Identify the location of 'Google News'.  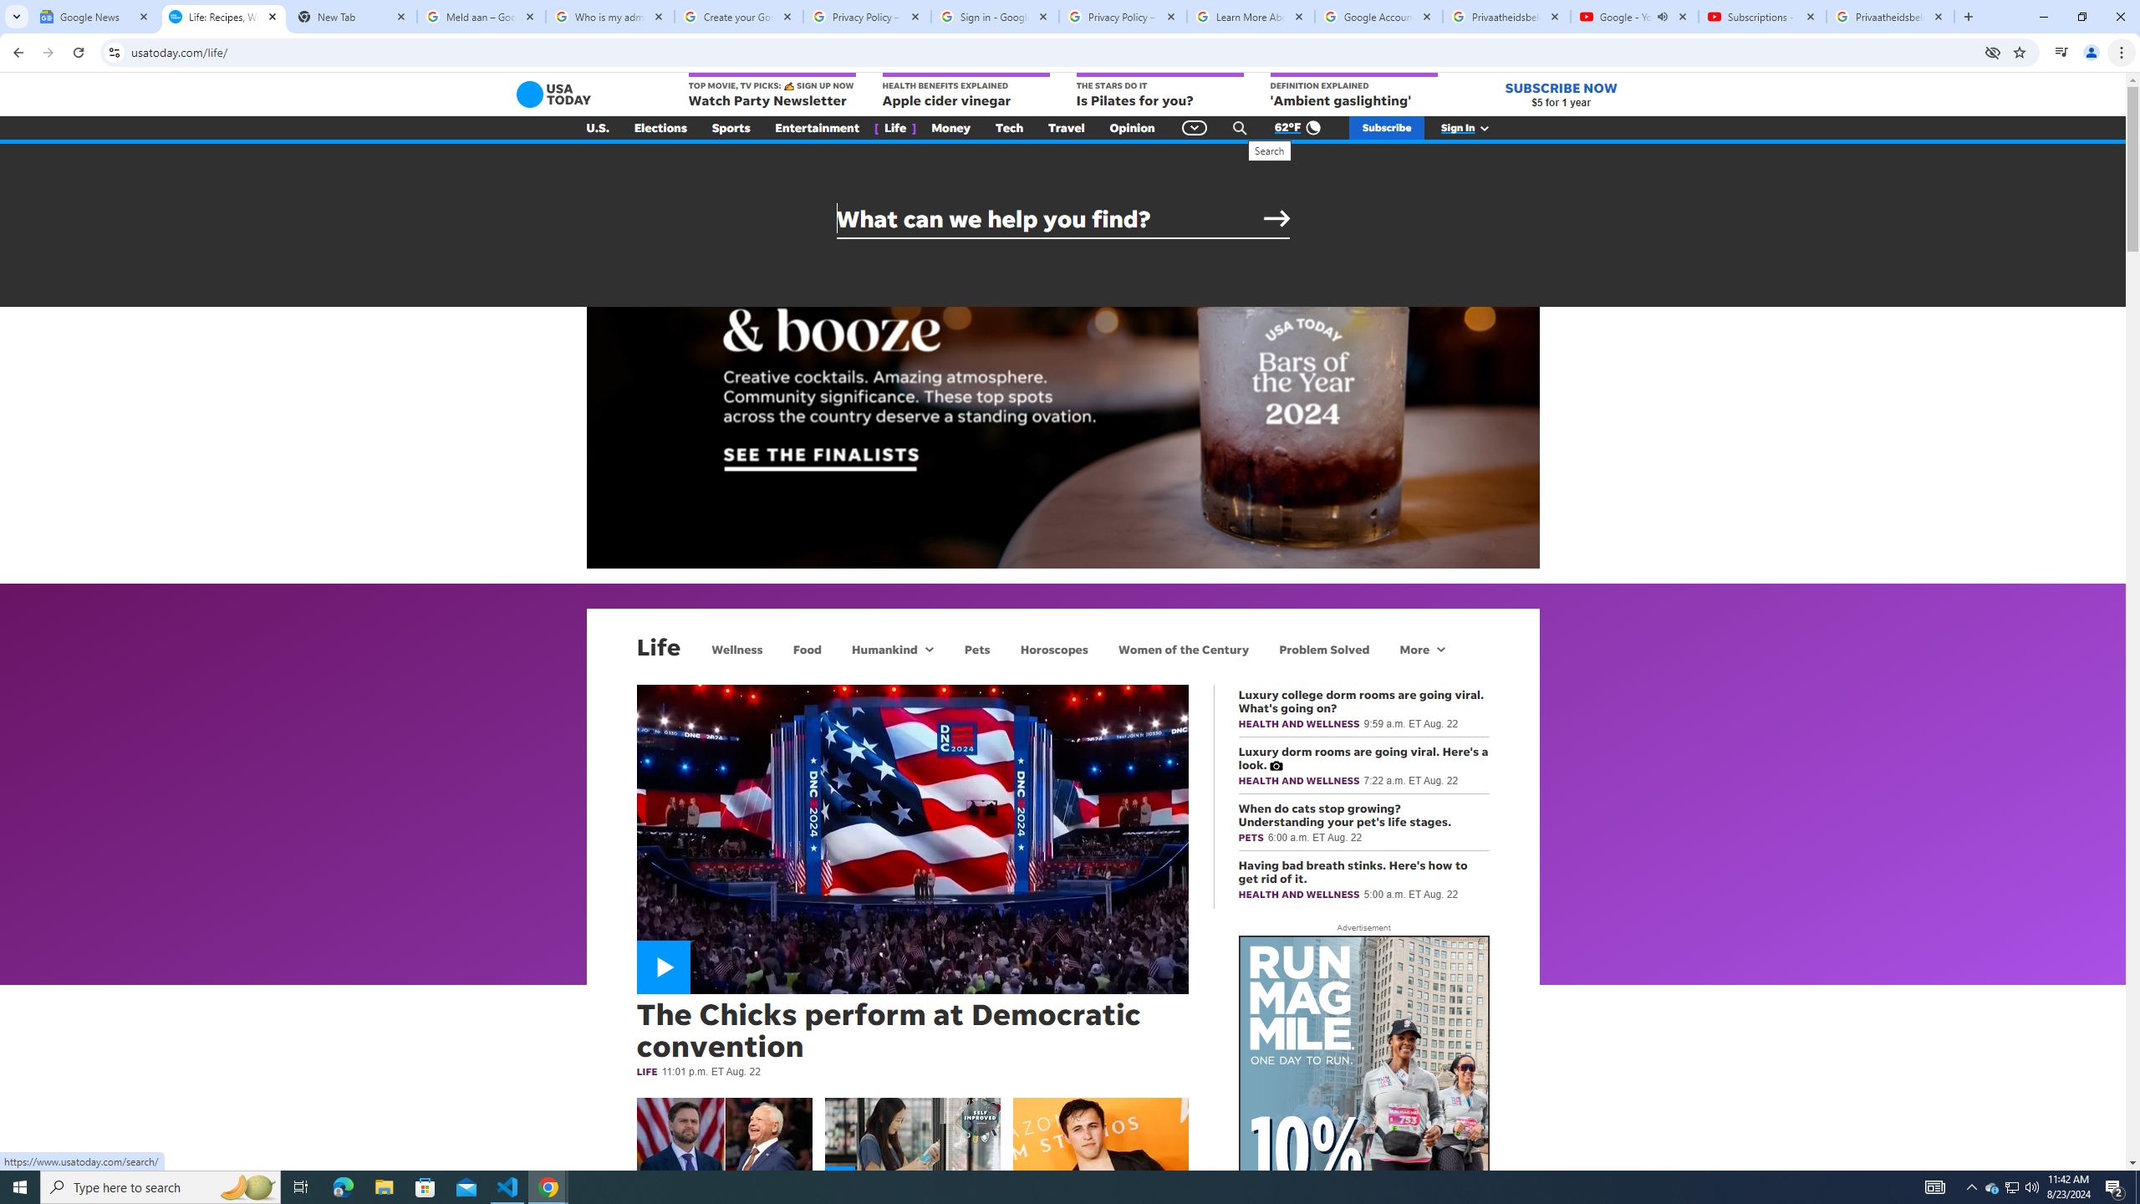
(94, 16).